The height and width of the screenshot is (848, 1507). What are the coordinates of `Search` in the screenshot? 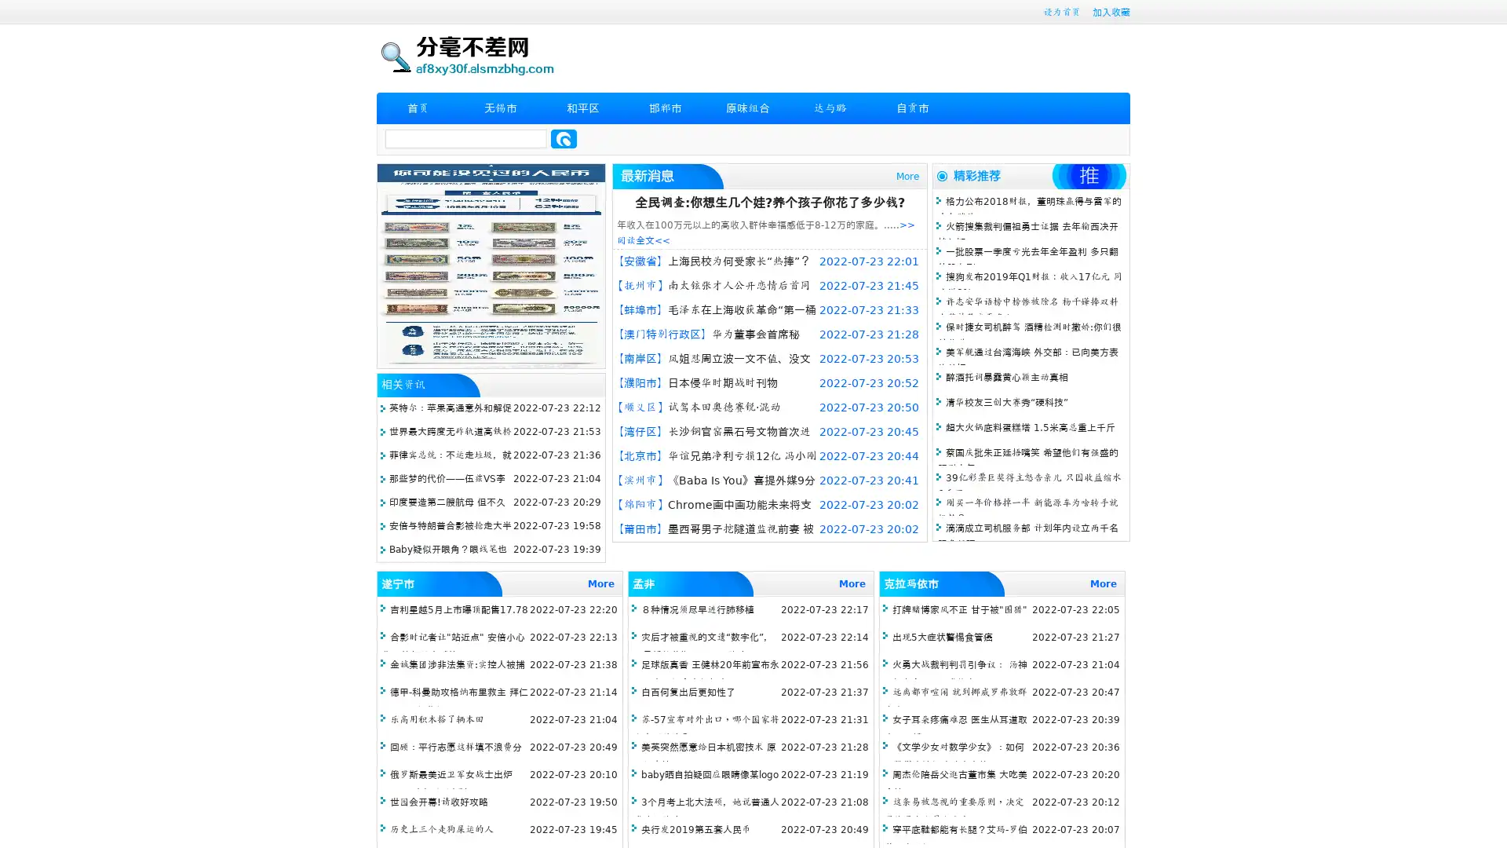 It's located at (564, 138).